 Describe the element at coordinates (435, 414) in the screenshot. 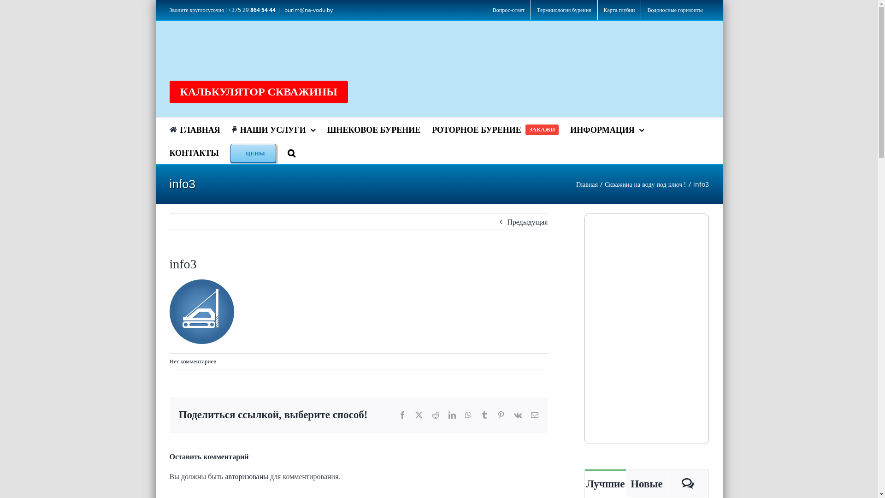

I see `'Reddit'` at that location.